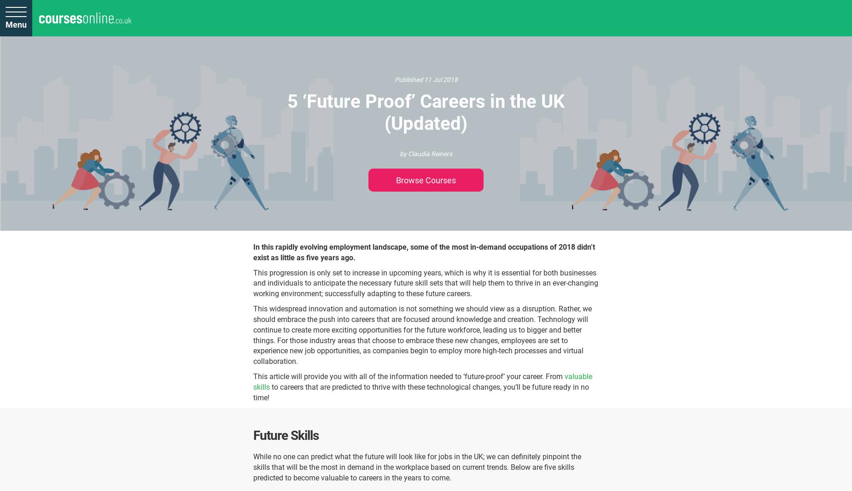 The width and height of the screenshot is (852, 491). Describe the element at coordinates (426, 282) in the screenshot. I see `'This progression is only set to increase in upcoming years, which is why it is essential for both businesses and individuals to anticipate the necessary future skill sets that will help them to thrive in an ever-changing working environment; successfully adapting to these future careers.'` at that location.